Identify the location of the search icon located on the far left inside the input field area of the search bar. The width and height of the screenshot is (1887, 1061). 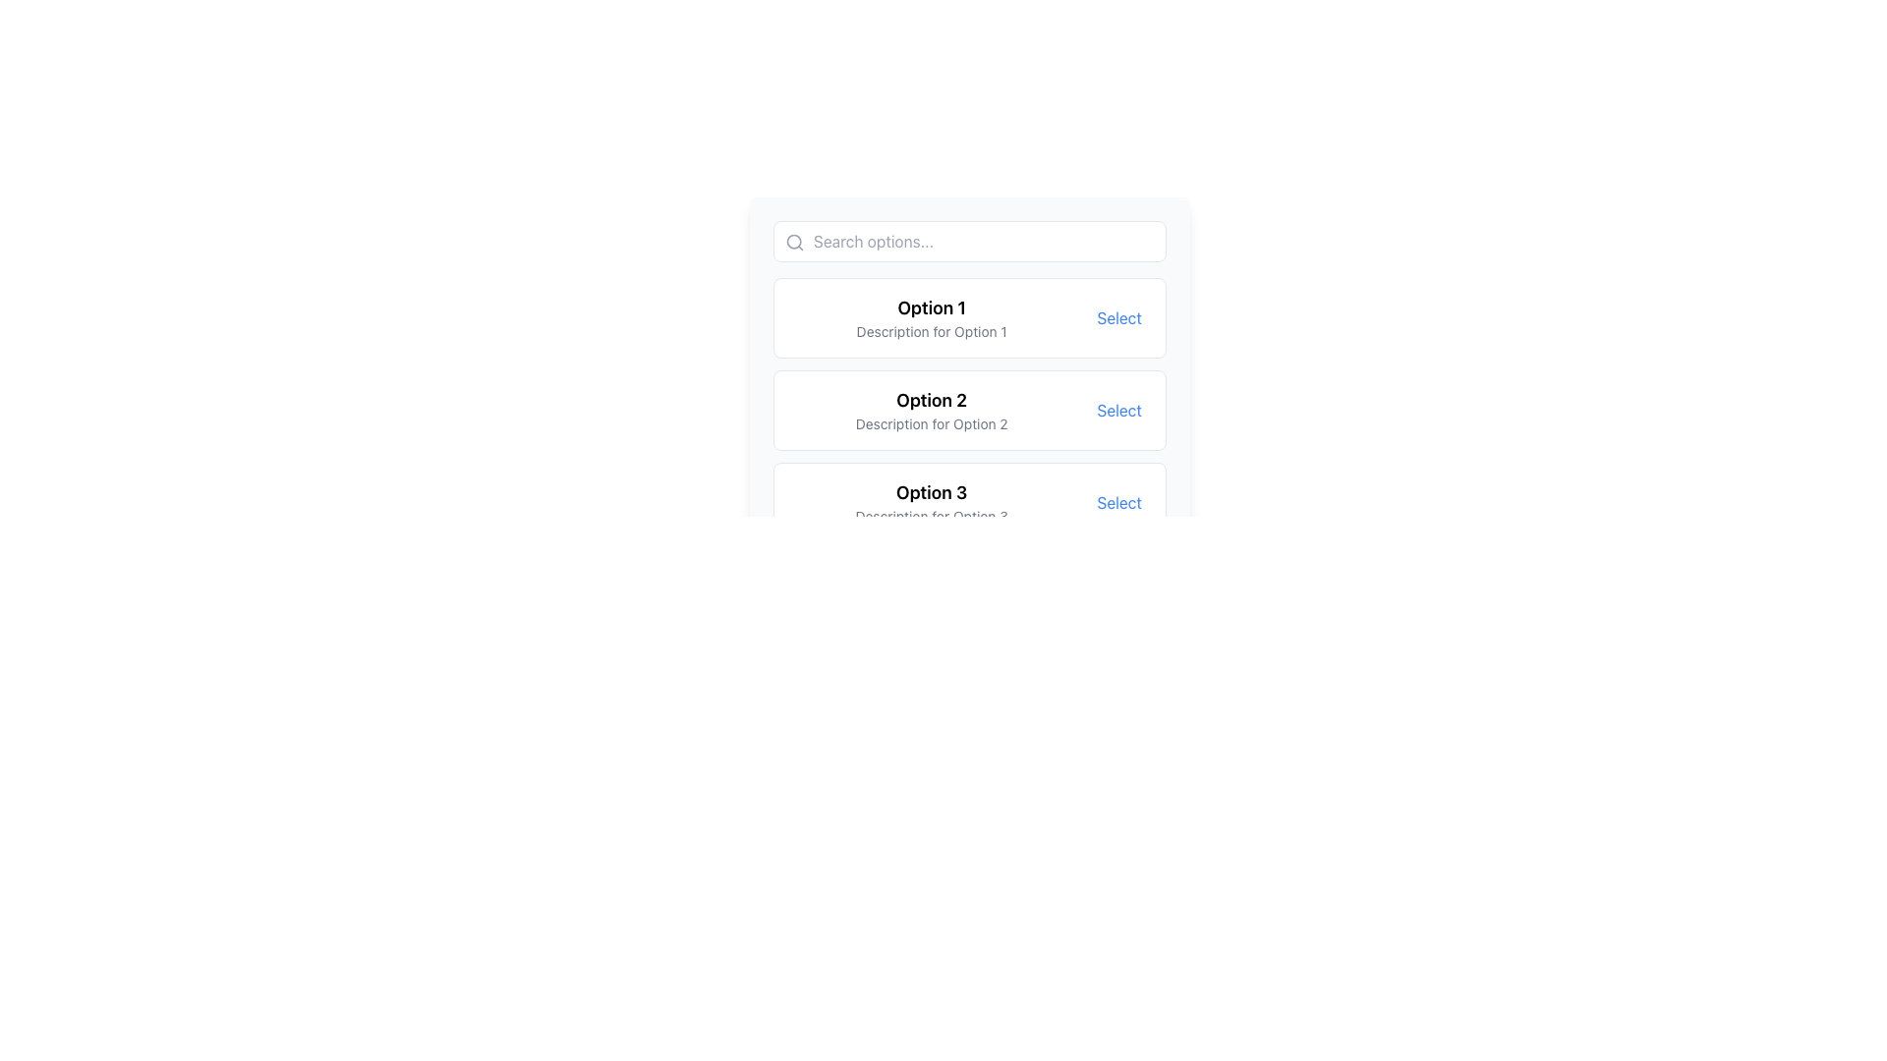
(795, 241).